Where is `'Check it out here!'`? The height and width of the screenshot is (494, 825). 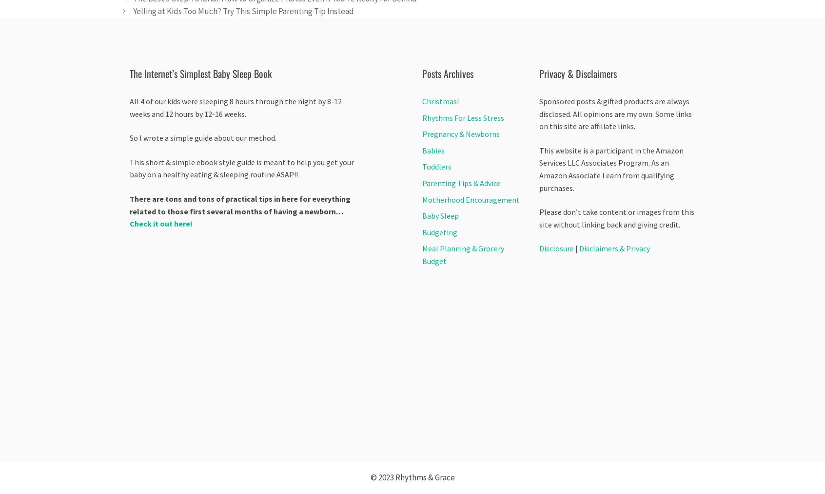 'Check it out here!' is located at coordinates (160, 224).